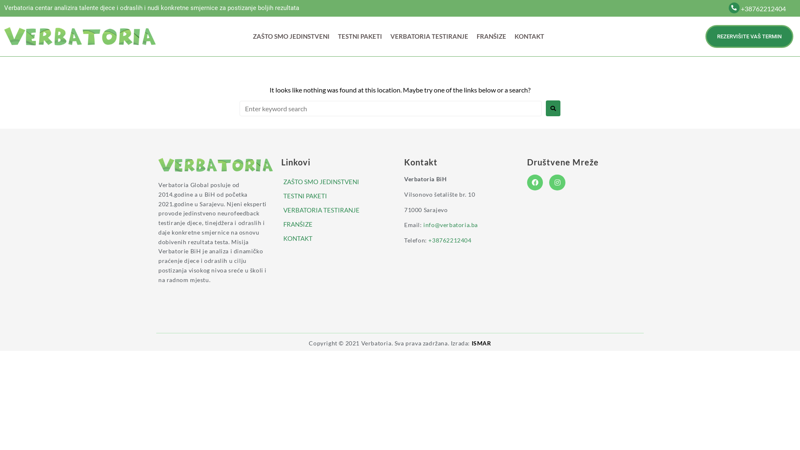 This screenshot has width=800, height=450. Describe the element at coordinates (390, 36) in the screenshot. I see `'VERBATORIA TESTIRANJE'` at that location.